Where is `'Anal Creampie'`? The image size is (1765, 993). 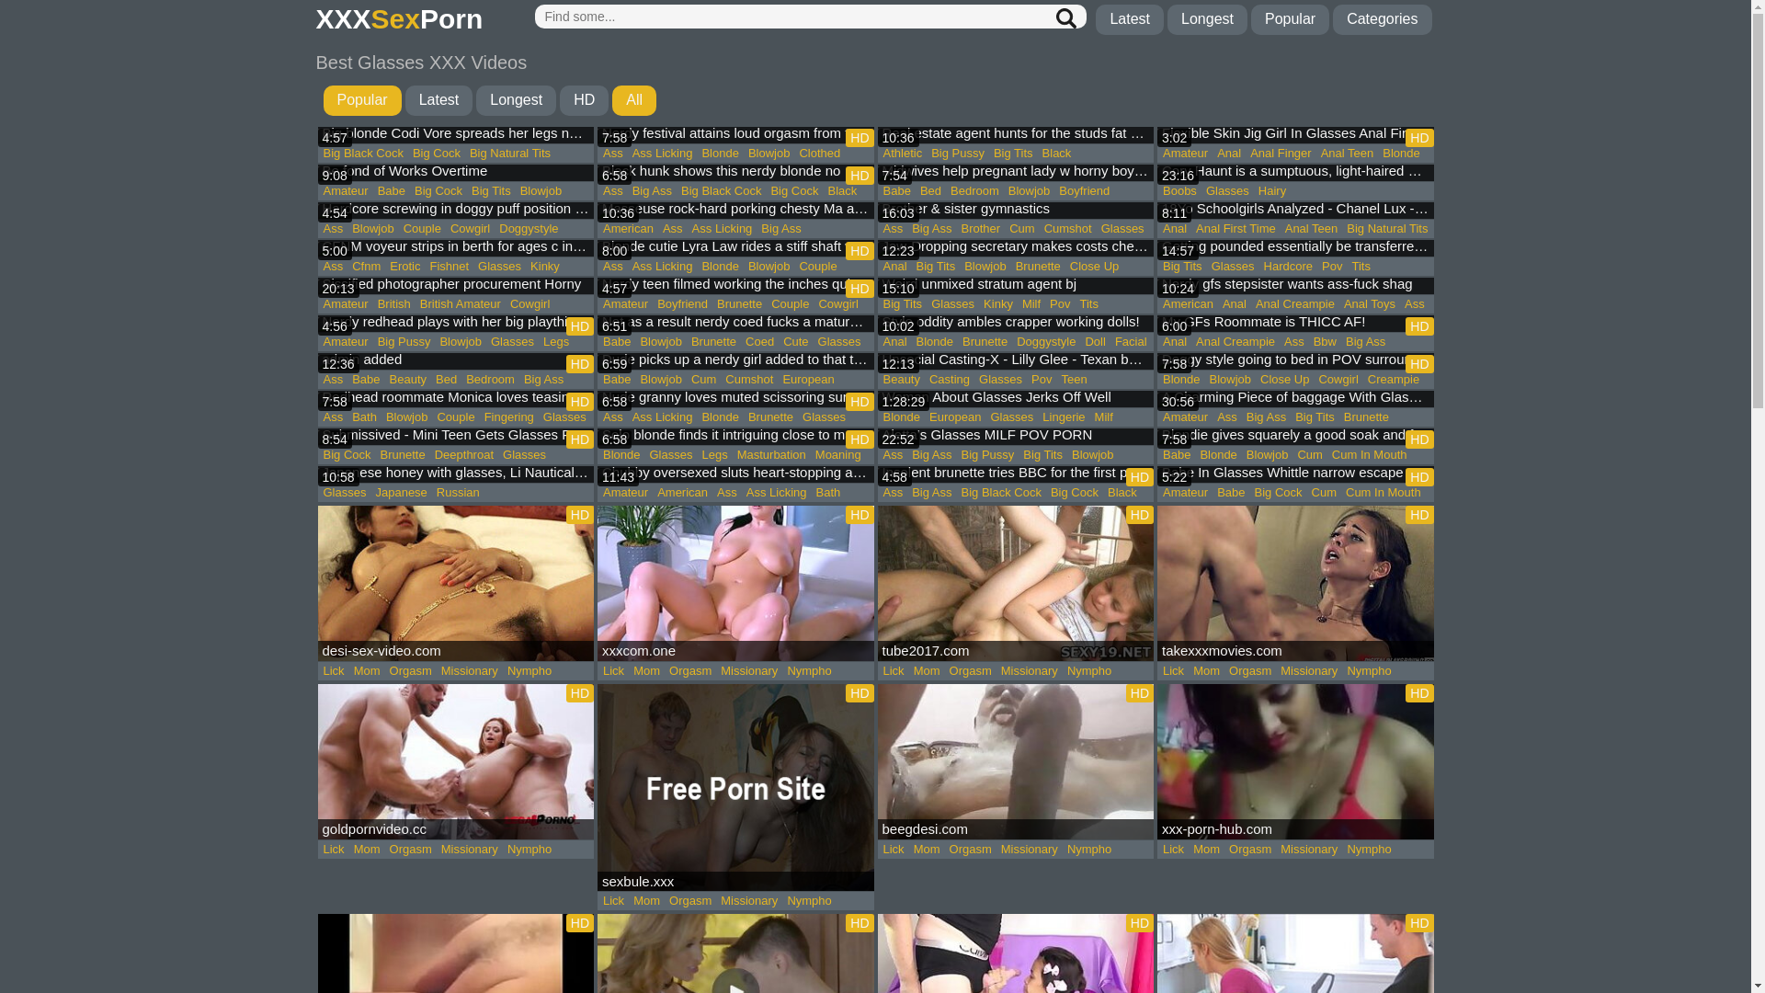 'Anal Creampie' is located at coordinates (1294, 303).